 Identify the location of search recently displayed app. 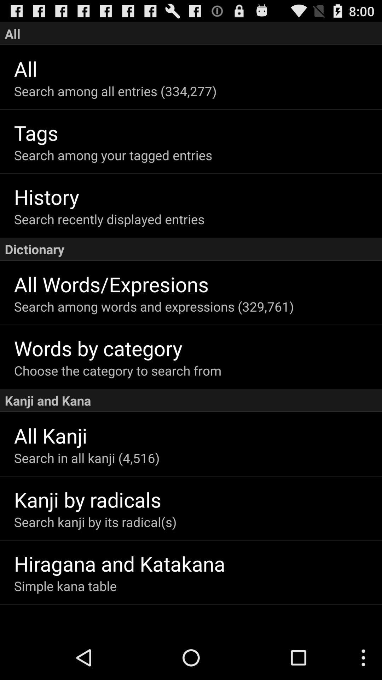
(198, 219).